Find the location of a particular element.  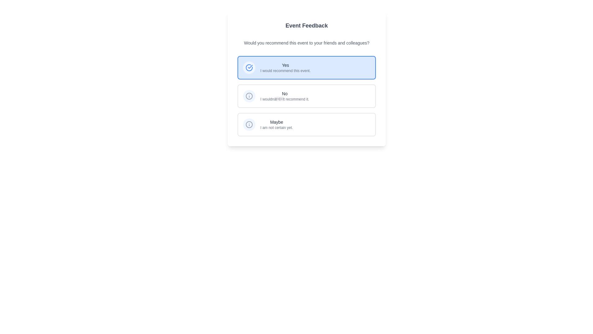

the first Selection Card in the feedback section is located at coordinates (307, 68).